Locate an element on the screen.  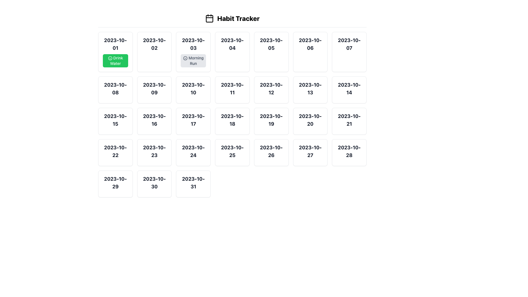
the Date Card displaying the date '2023-10-27' in bold, large text located centrally within a rectangular card with a white background and rounded corners is located at coordinates (310, 153).